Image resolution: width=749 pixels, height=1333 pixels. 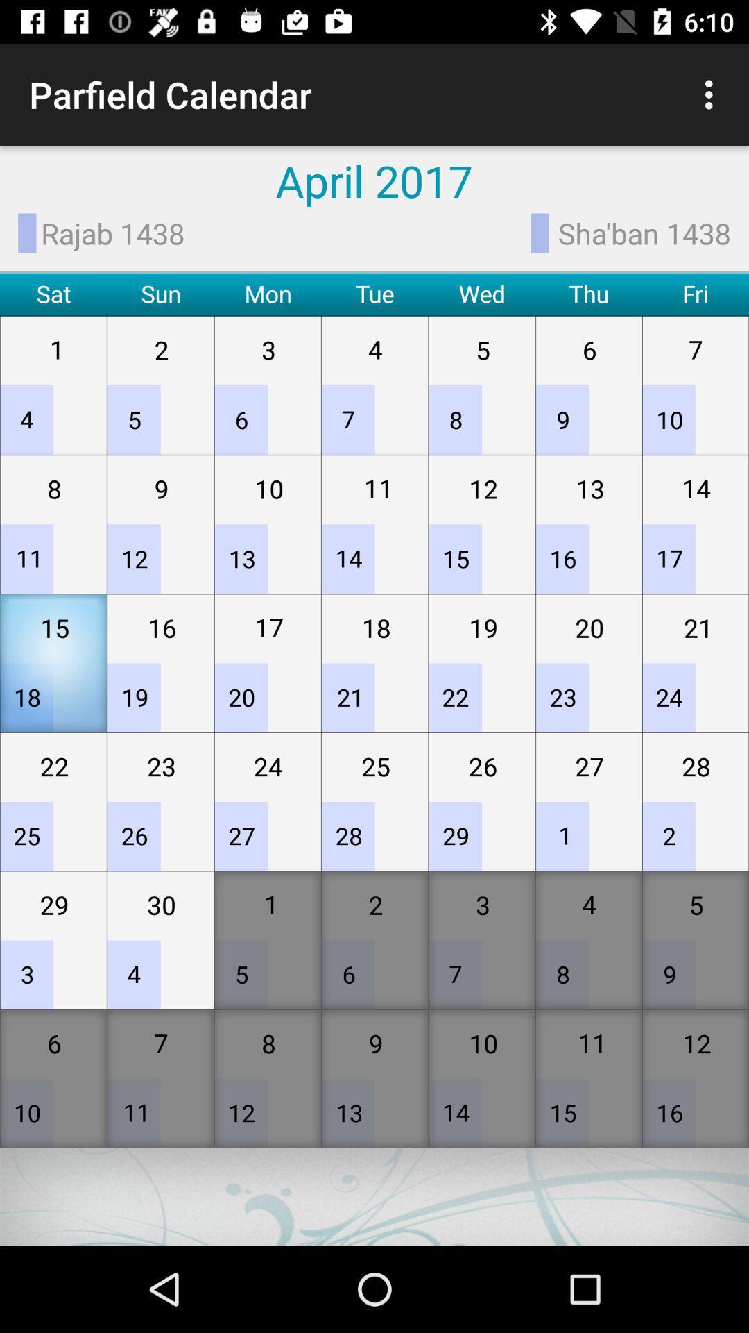 What do you see at coordinates (712, 94) in the screenshot?
I see `icon above sha'ban 1438` at bounding box center [712, 94].